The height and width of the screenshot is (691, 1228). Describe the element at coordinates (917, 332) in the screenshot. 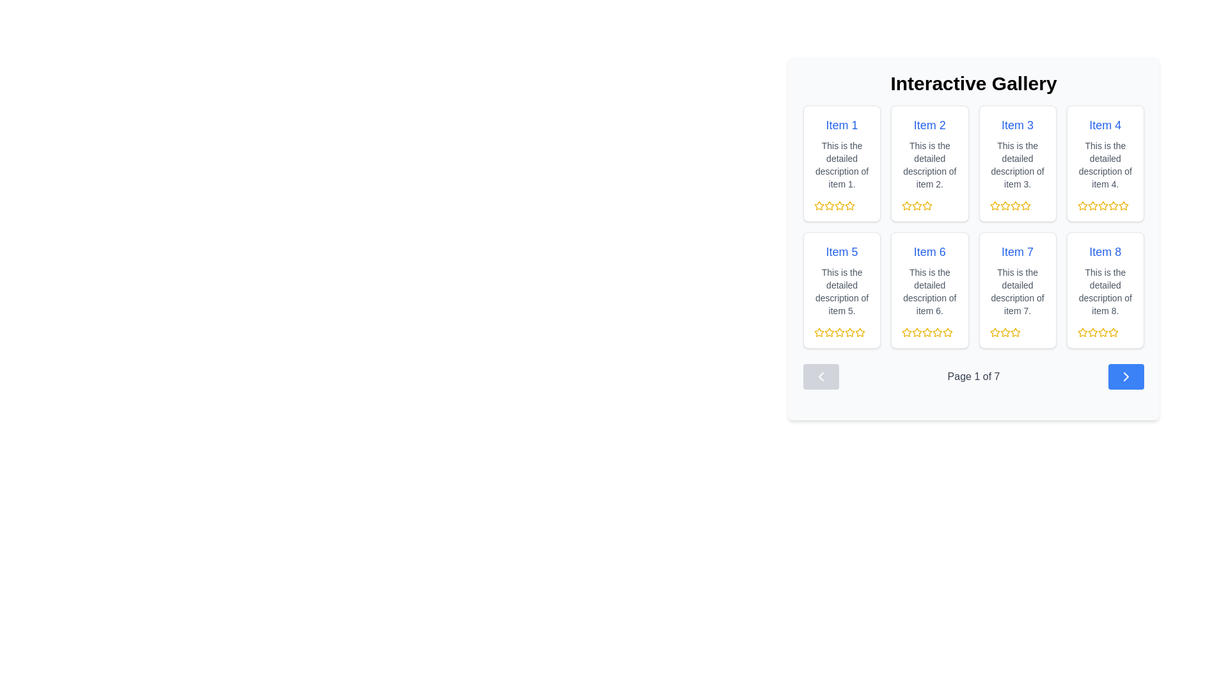

I see `the third yellow star-shaped icon from the left in the row of rating stars below 'Item 6'` at that location.